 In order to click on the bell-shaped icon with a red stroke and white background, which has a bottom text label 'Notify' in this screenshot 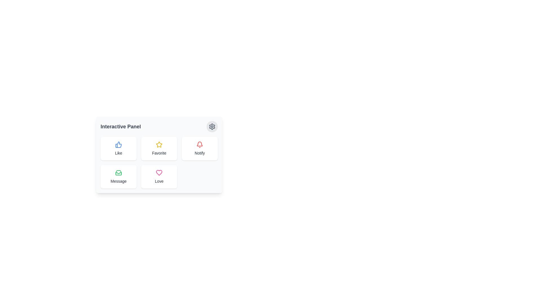, I will do `click(200, 144)`.